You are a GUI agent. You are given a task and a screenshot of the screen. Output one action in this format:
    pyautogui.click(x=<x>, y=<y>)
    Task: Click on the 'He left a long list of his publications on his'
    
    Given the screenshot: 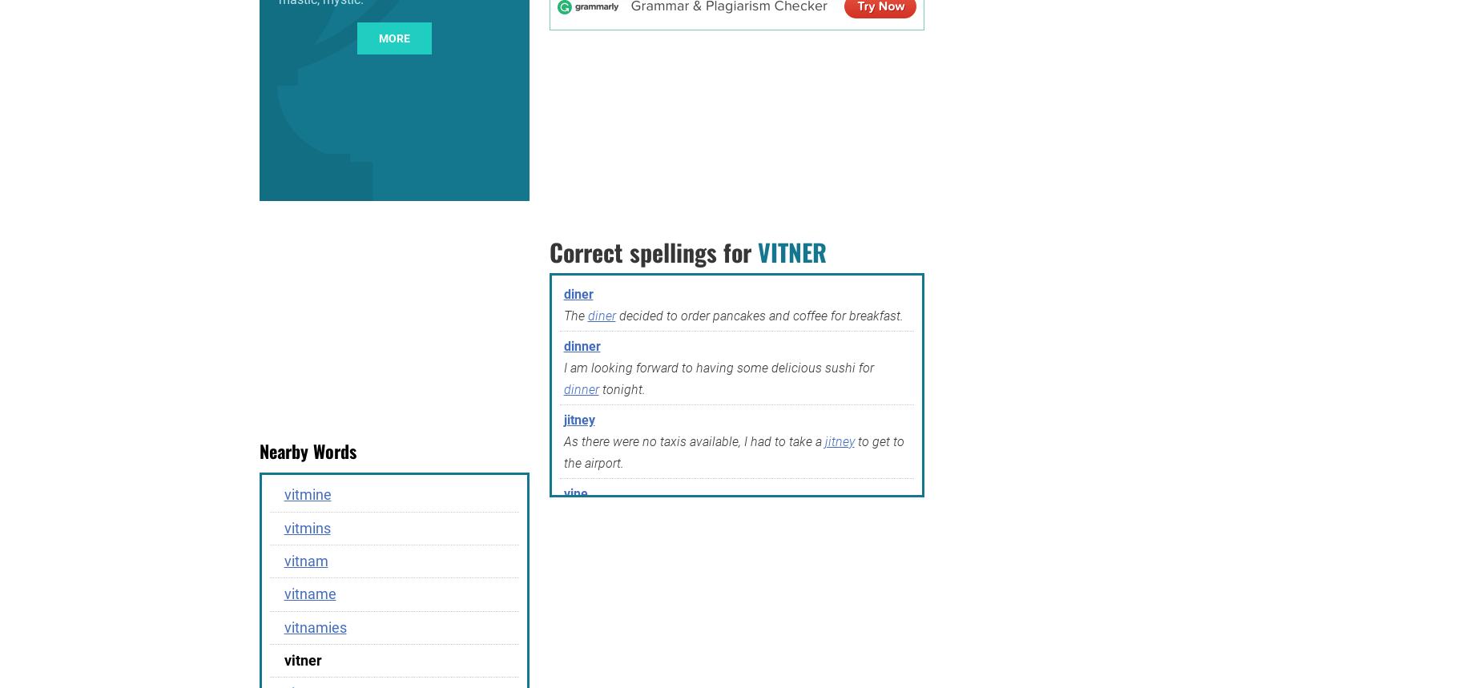 What is the action you would take?
    pyautogui.click(x=683, y=641)
    